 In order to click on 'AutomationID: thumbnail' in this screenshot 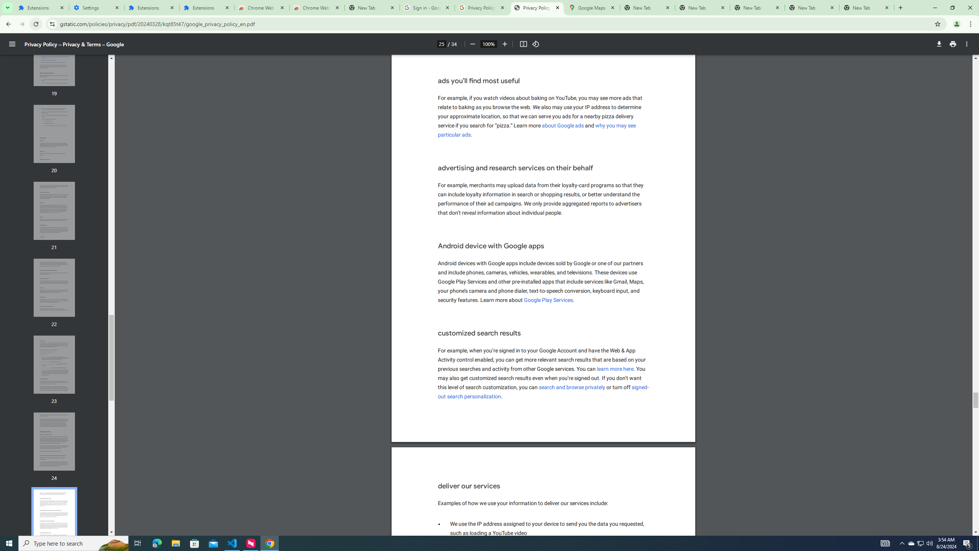, I will do `click(54, 518)`.